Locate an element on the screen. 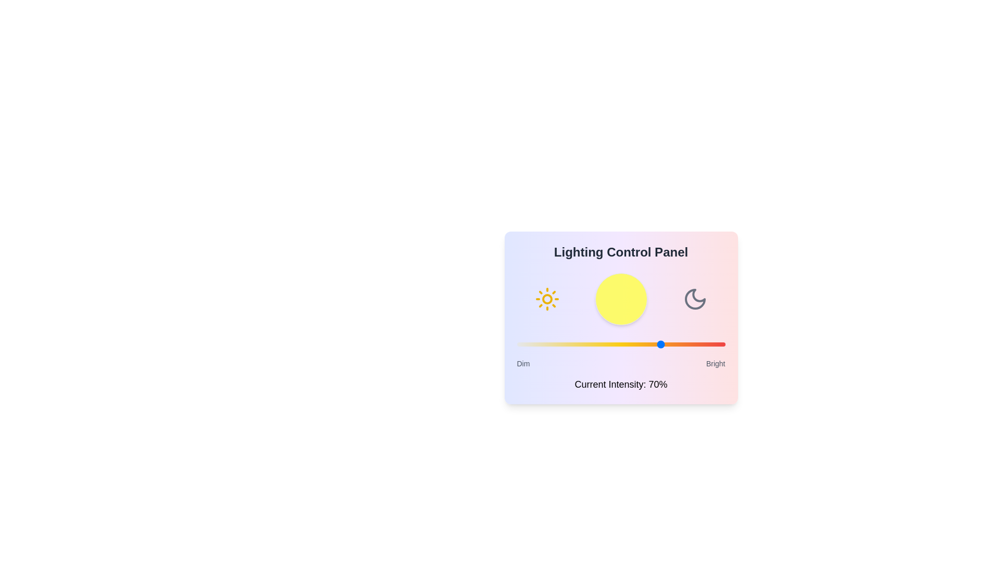 The image size is (1000, 562). the light intensity slider to 99% to observe the changes in the visualization is located at coordinates (722, 344).